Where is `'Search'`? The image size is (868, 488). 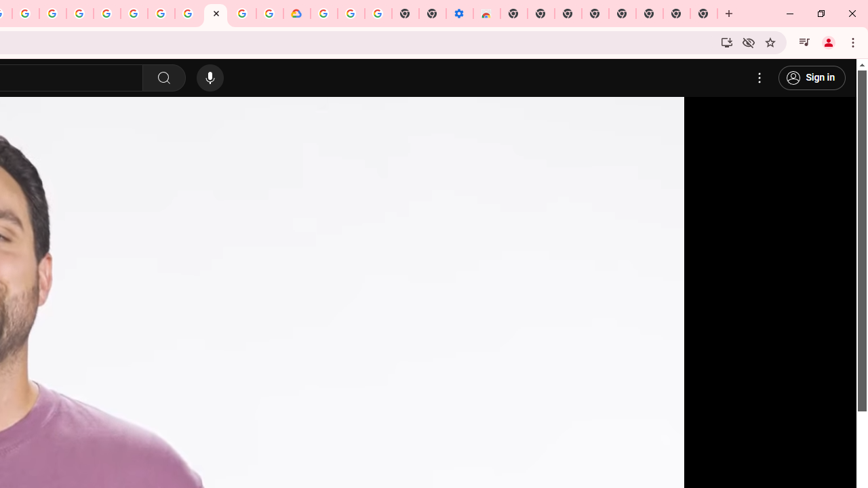
'Search' is located at coordinates (163, 78).